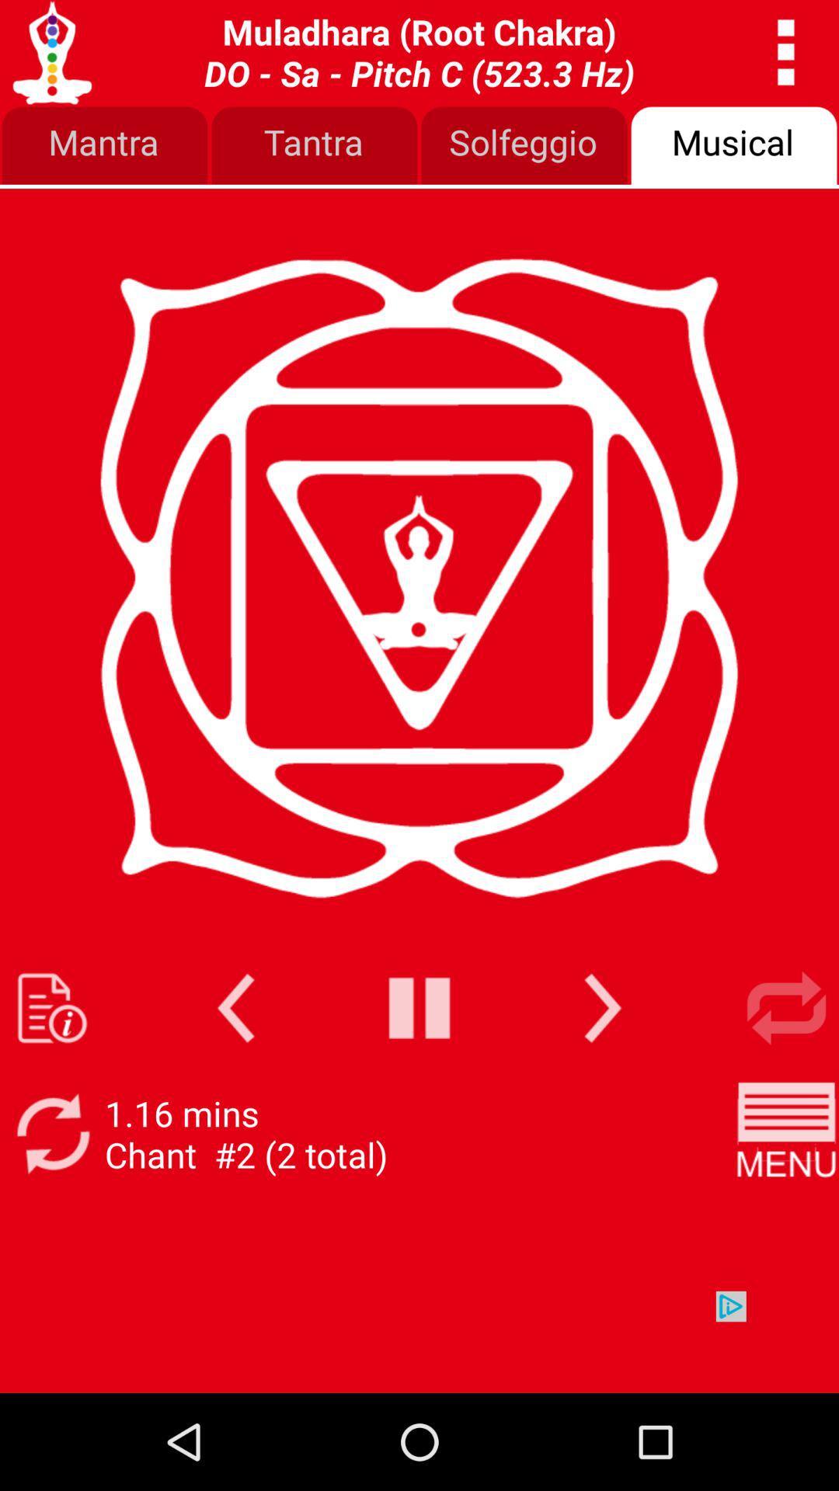  I want to click on the icon next to musical item, so click(524, 146).